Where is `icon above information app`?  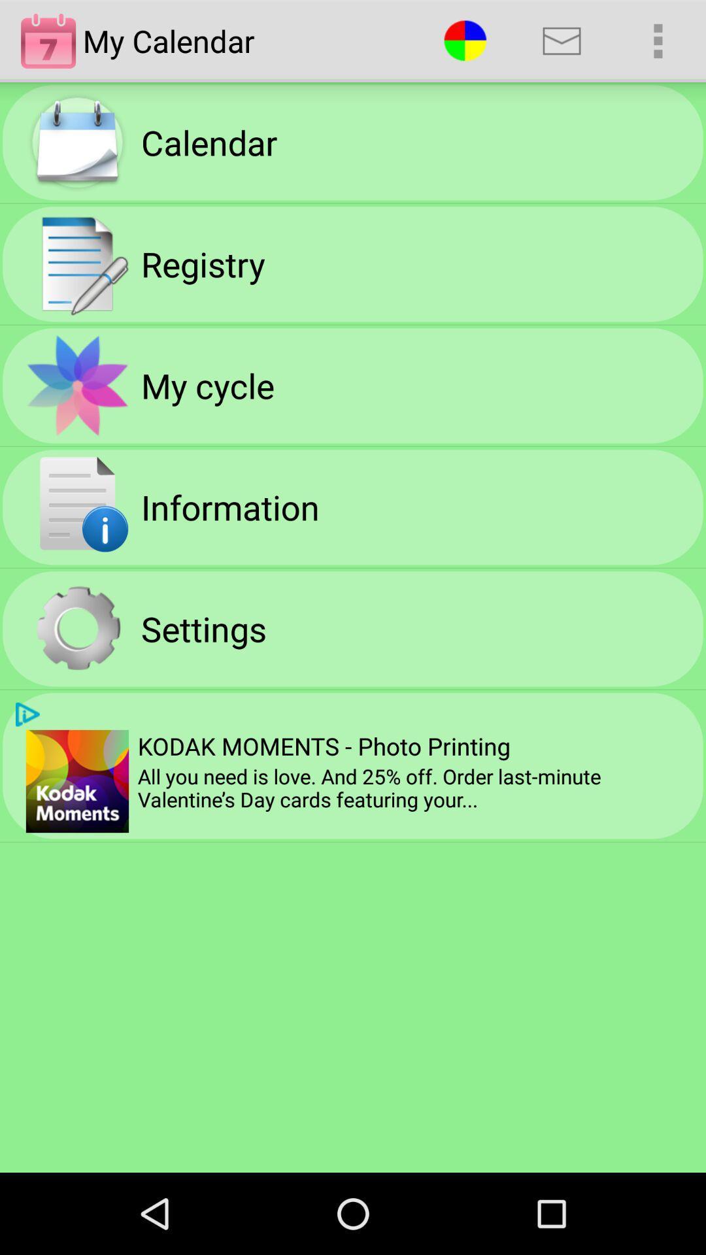 icon above information app is located at coordinates (207, 384).